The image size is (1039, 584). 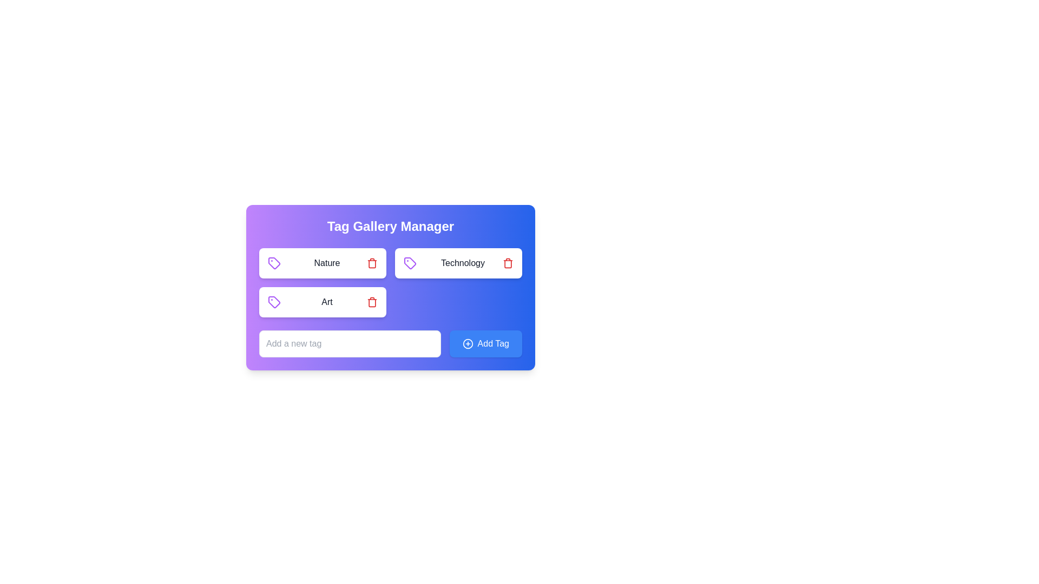 What do you see at coordinates (322, 302) in the screenshot?
I see `the label of the tag entry labeled 'Art' in the 'Tag Gallery Manager' section for reference` at bounding box center [322, 302].